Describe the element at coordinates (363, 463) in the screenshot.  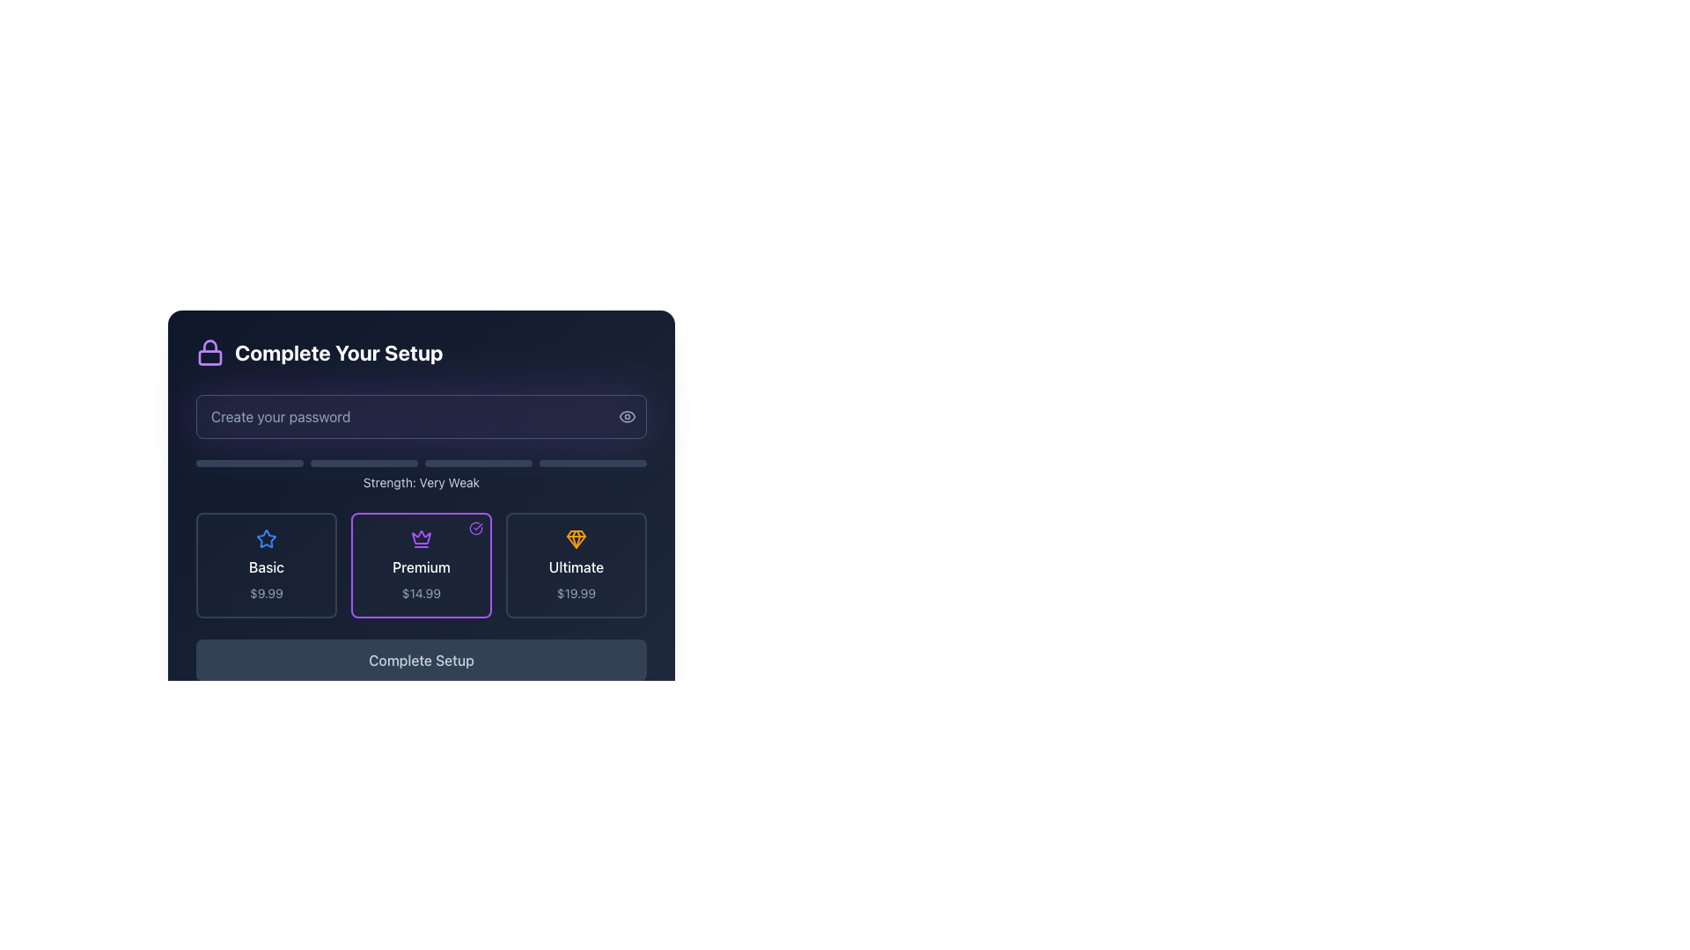
I see `the second progress bar segment, which is a slim, horizontal bar with rounded ends and a solid dark gray color, located below the input field labeled 'Create your password.'` at that location.